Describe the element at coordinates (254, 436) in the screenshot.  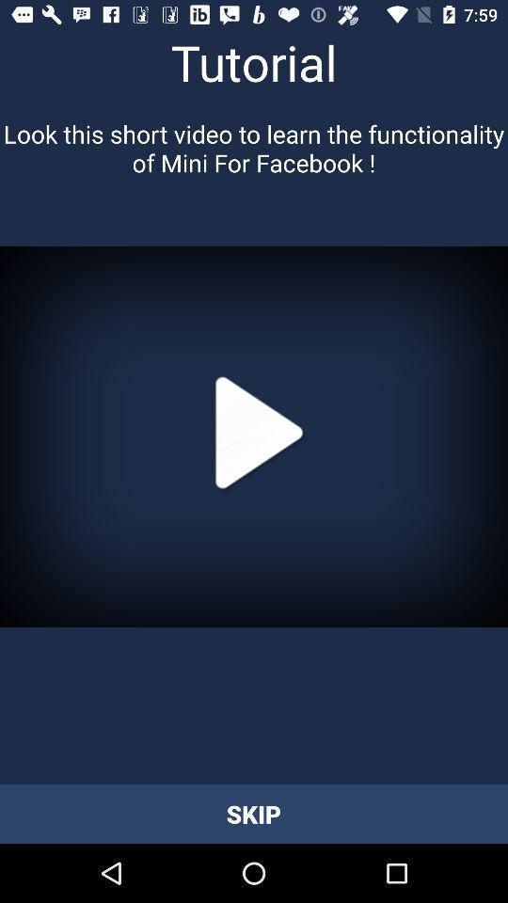
I see `the button above skip button` at that location.